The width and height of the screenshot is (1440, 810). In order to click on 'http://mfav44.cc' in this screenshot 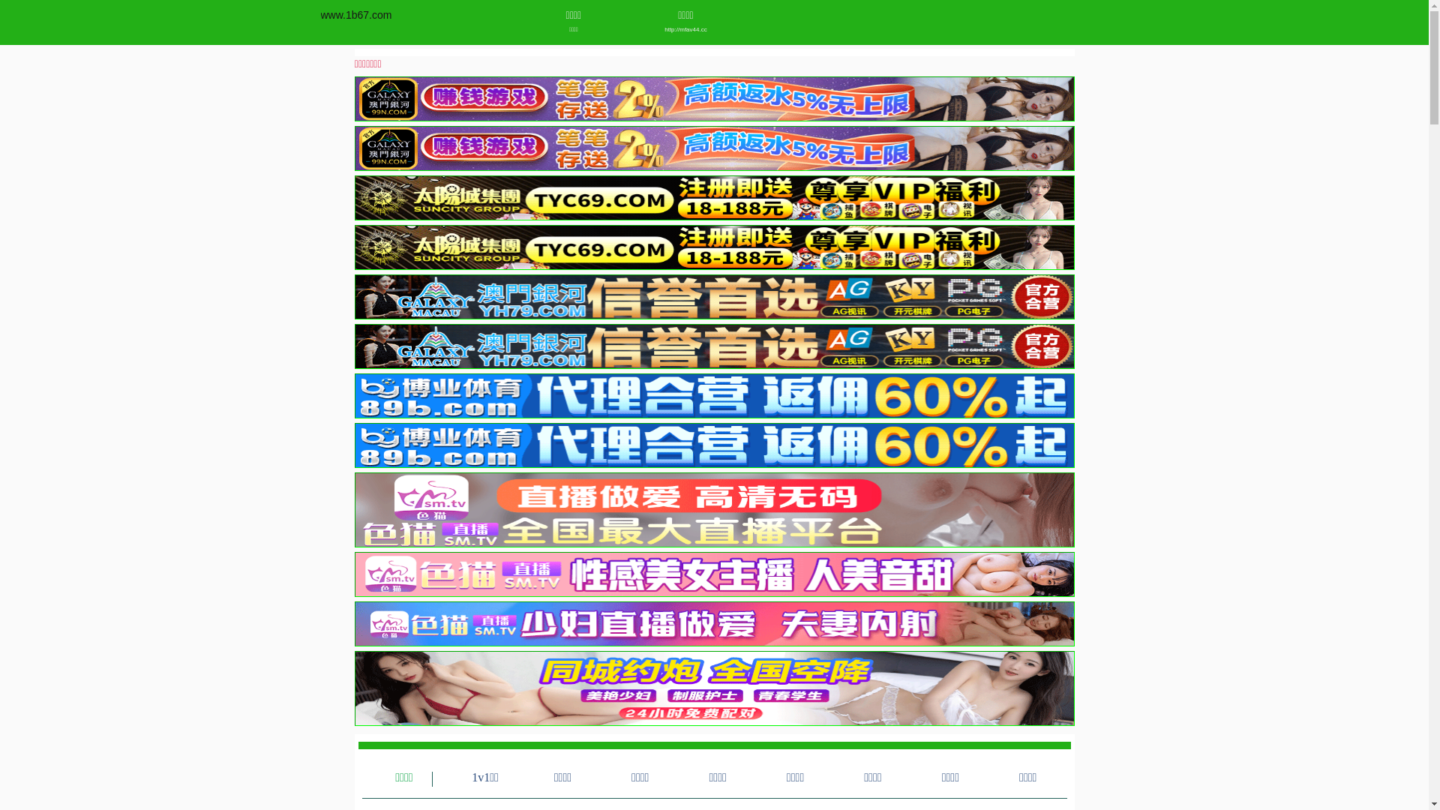, I will do `click(685, 29)`.